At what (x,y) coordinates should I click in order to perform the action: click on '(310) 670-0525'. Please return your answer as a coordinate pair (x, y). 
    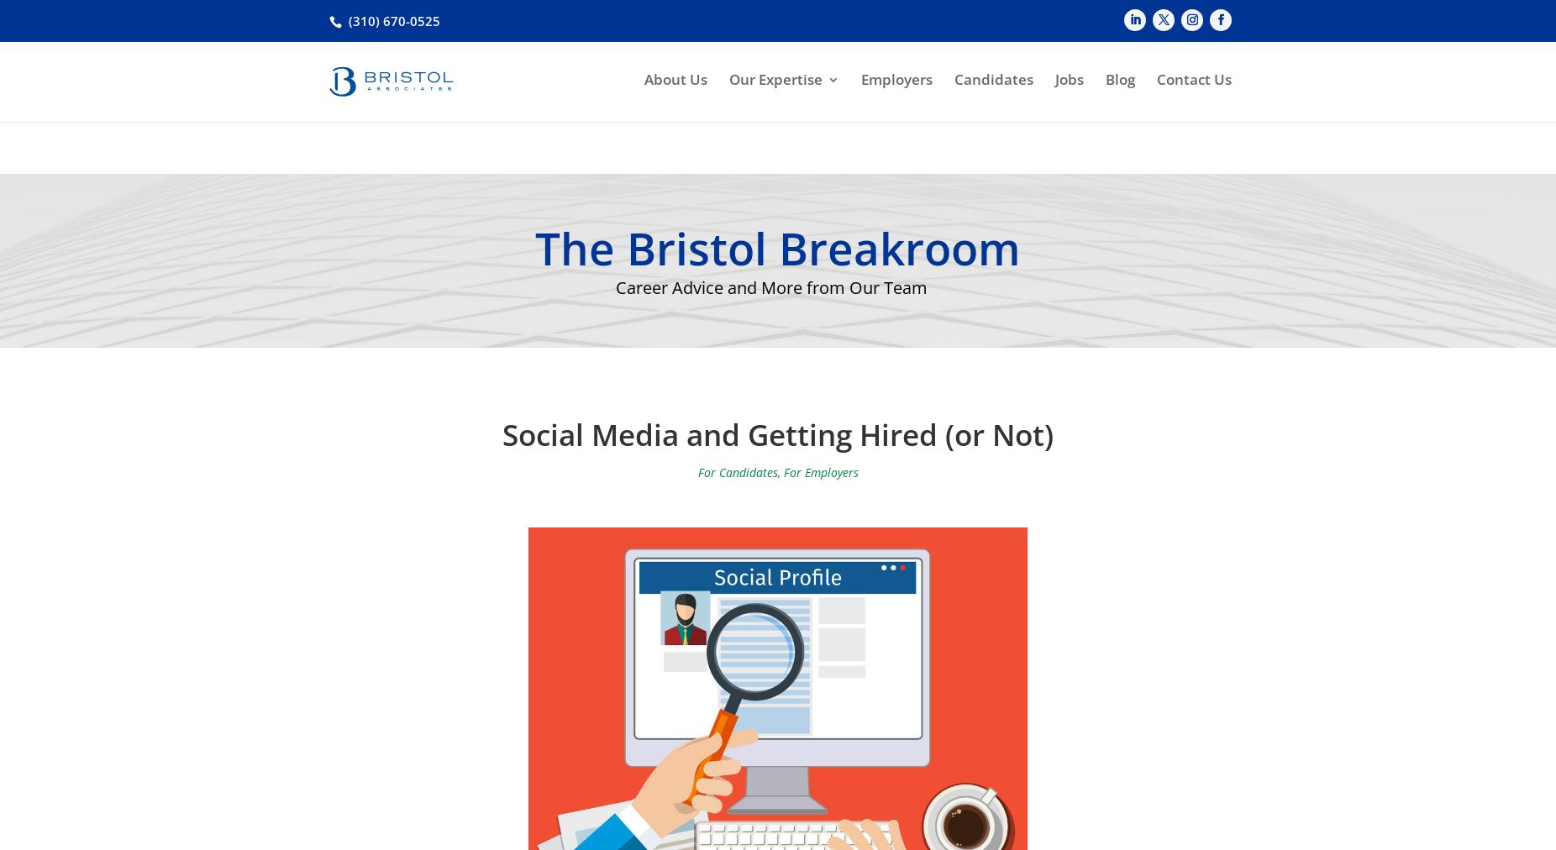
    Looking at the image, I should click on (349, 19).